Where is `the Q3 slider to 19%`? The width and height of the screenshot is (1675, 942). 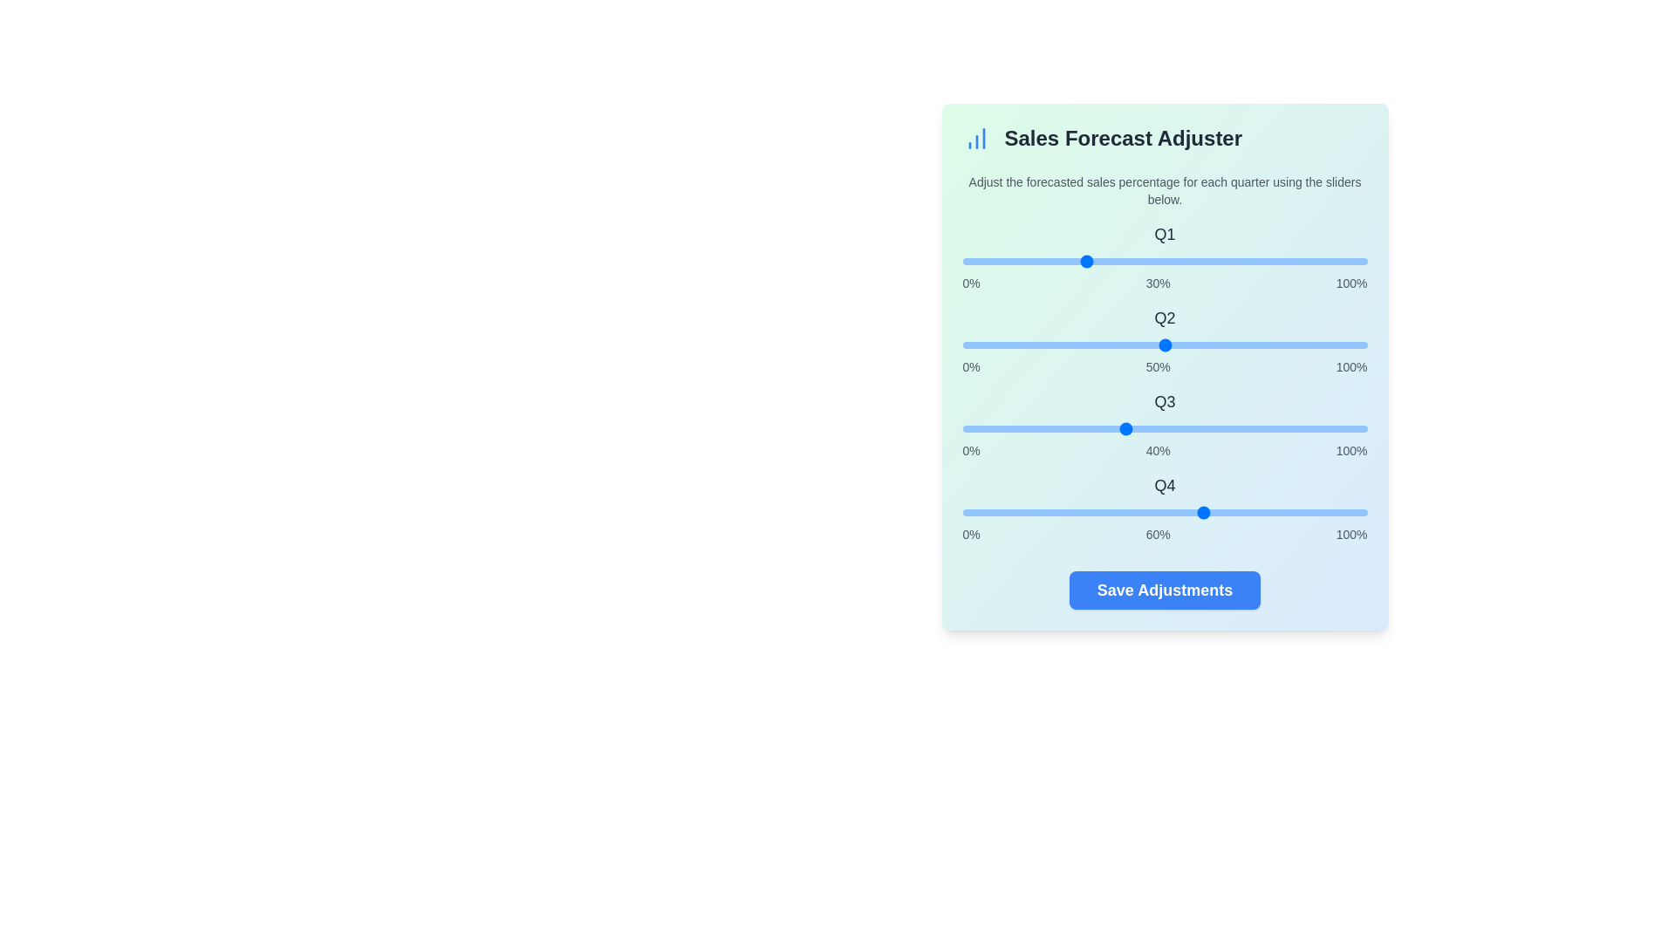 the Q3 slider to 19% is located at coordinates (1039, 429).